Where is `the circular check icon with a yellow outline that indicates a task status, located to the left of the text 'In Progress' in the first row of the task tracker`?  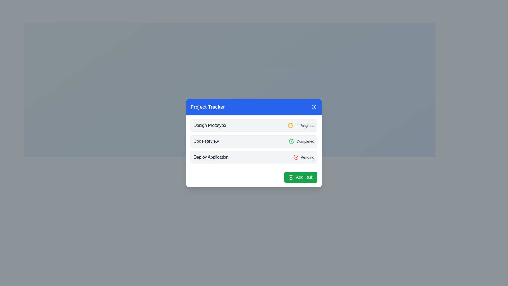 the circular check icon with a yellow outline that indicates a task status, located to the left of the text 'In Progress' in the first row of the task tracker is located at coordinates (290, 126).